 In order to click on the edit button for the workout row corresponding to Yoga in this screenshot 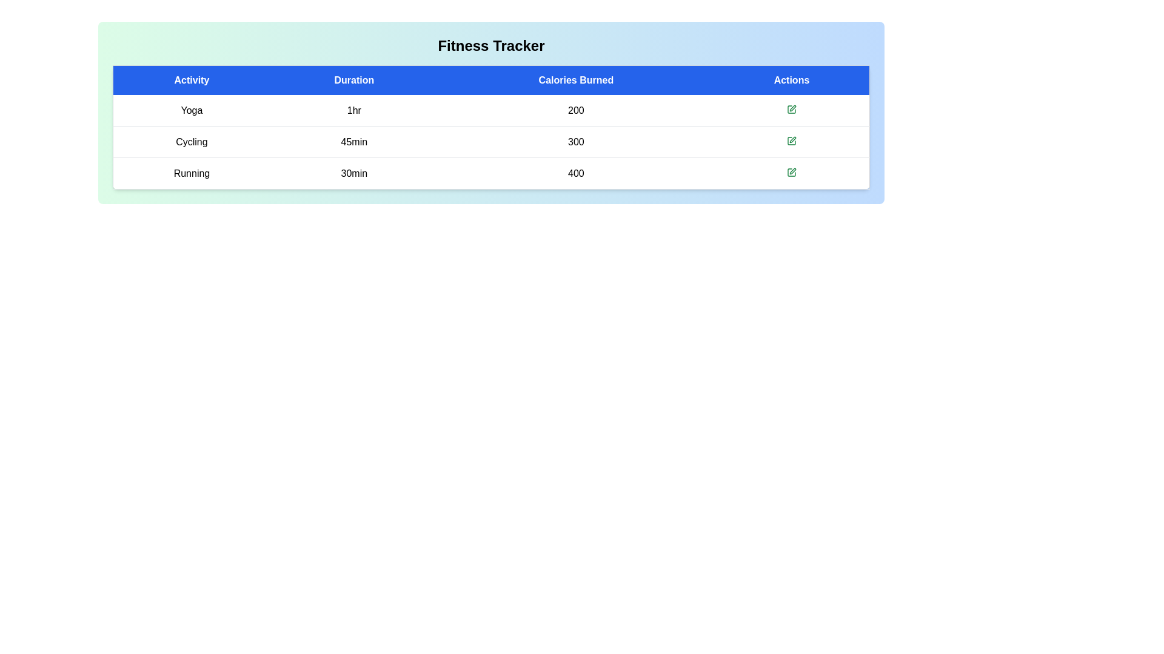, I will do `click(791, 110)`.